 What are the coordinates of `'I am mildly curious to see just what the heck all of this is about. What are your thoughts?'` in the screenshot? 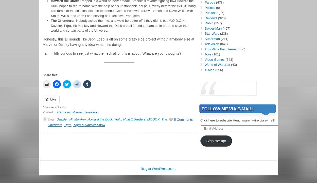 It's located at (112, 53).